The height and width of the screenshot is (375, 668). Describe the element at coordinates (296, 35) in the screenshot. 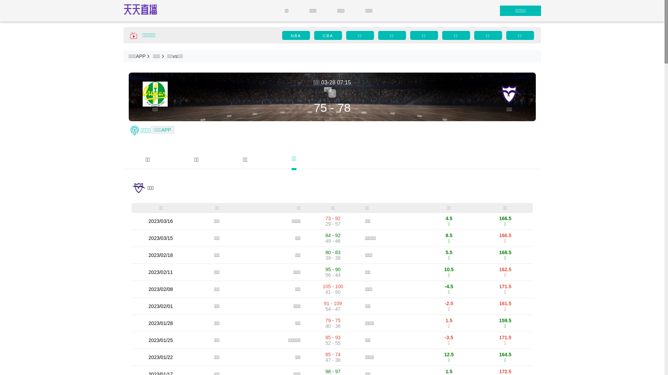

I see `'NBA'` at that location.